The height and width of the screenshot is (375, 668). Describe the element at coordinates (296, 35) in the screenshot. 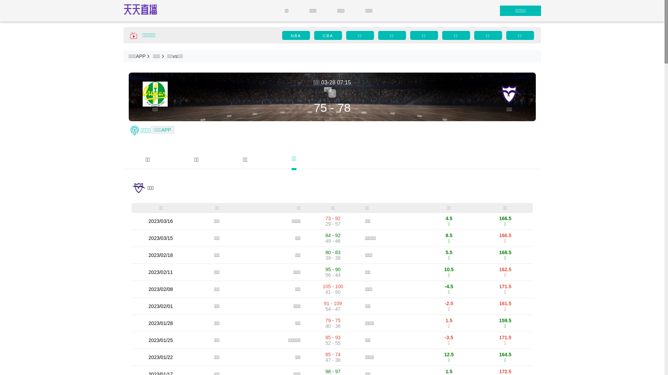

I see `'NBA'` at that location.